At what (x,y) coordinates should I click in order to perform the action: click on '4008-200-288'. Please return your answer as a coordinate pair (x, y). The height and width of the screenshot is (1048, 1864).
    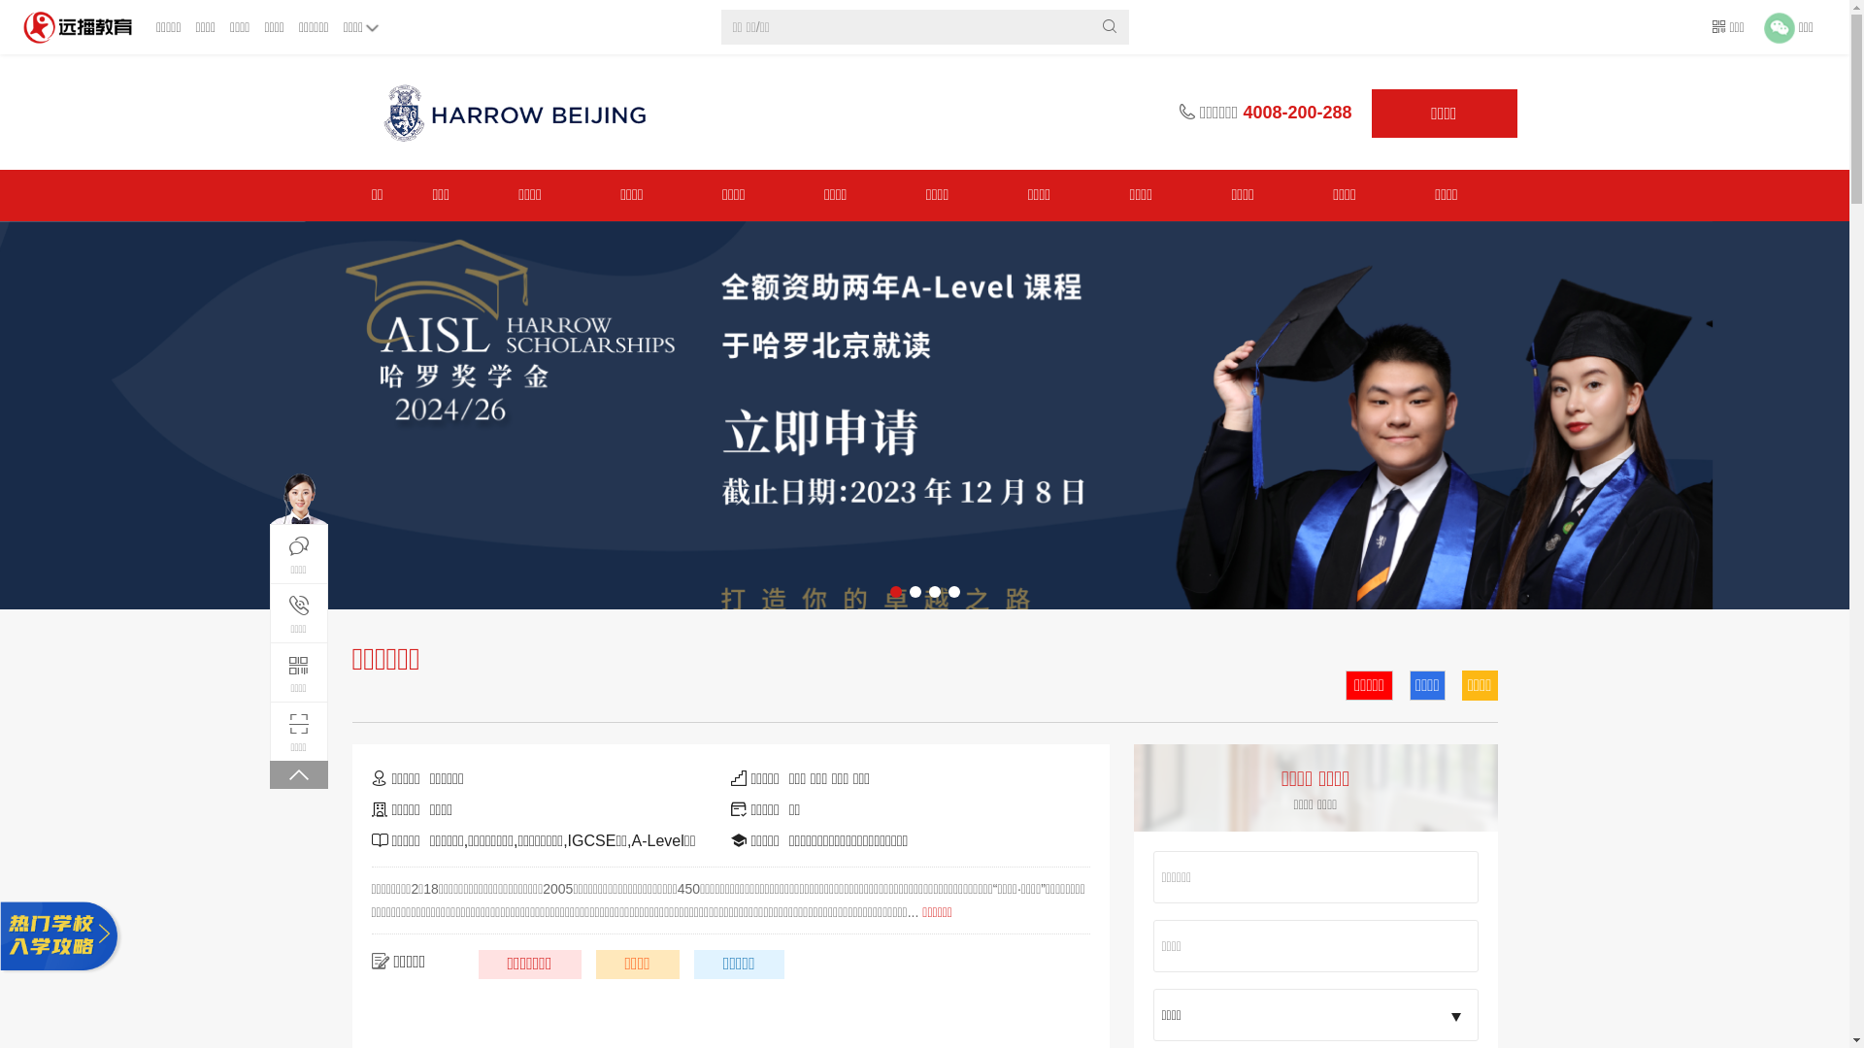
    Looking at the image, I should click on (1296, 112).